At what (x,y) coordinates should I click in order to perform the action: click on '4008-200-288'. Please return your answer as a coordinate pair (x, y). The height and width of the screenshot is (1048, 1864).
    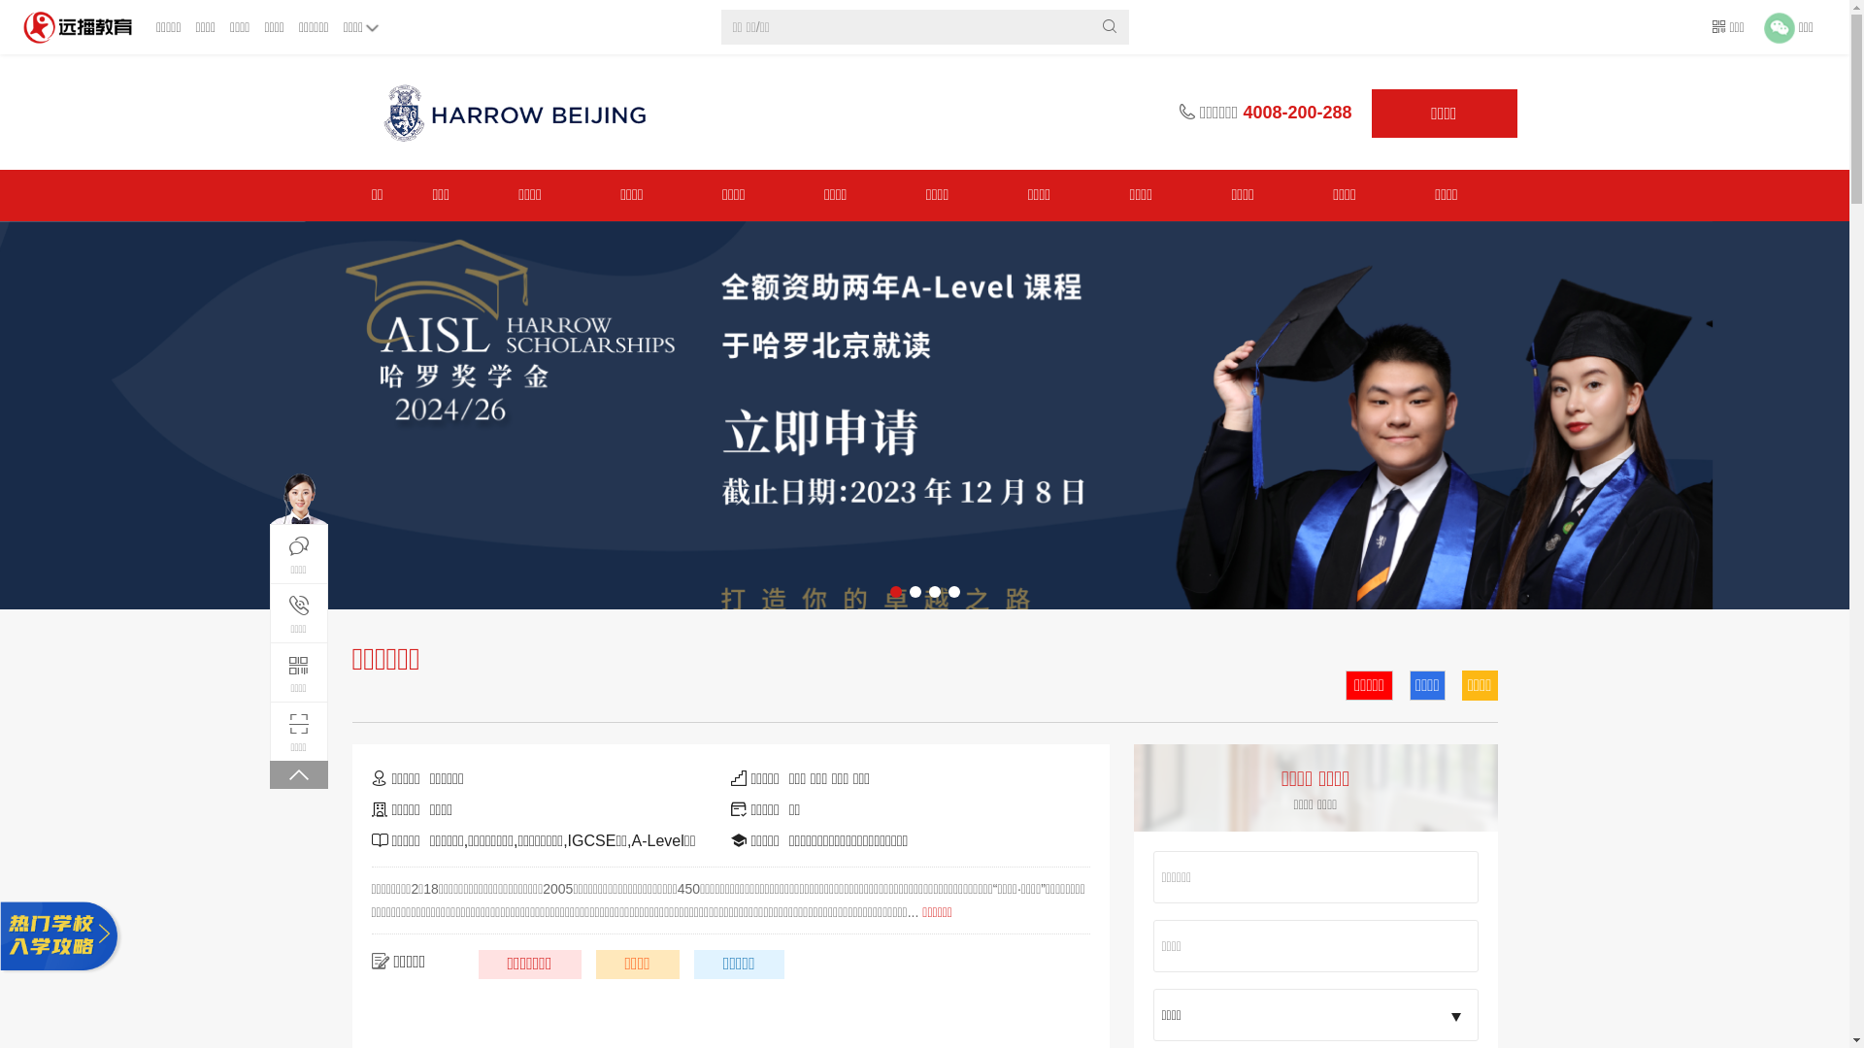
    Looking at the image, I should click on (1296, 112).